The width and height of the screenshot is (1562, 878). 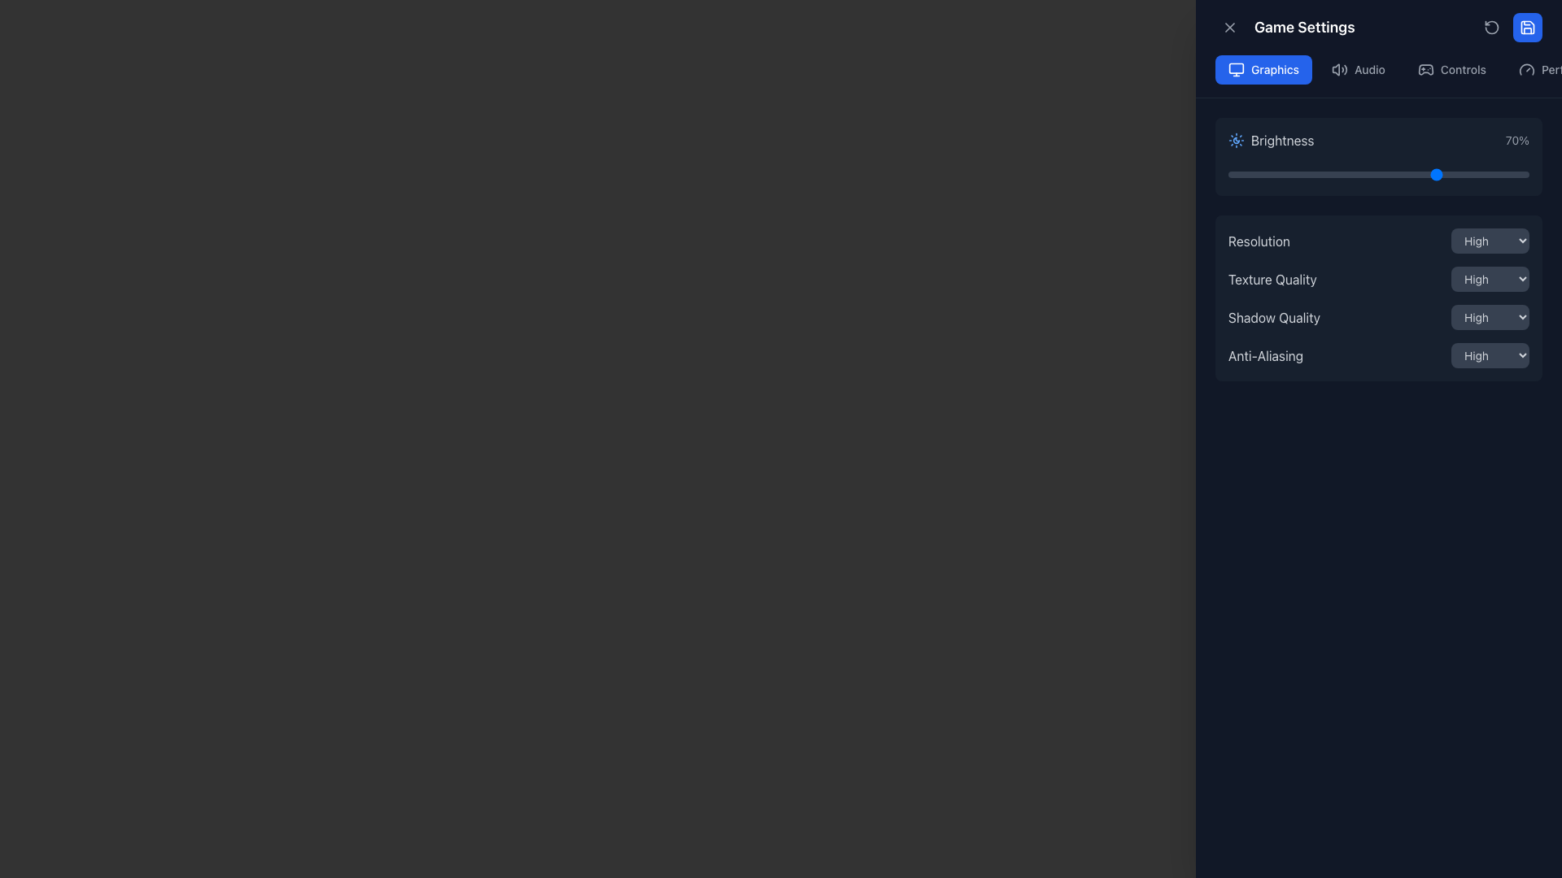 I want to click on the brightness level, so click(x=1368, y=175).